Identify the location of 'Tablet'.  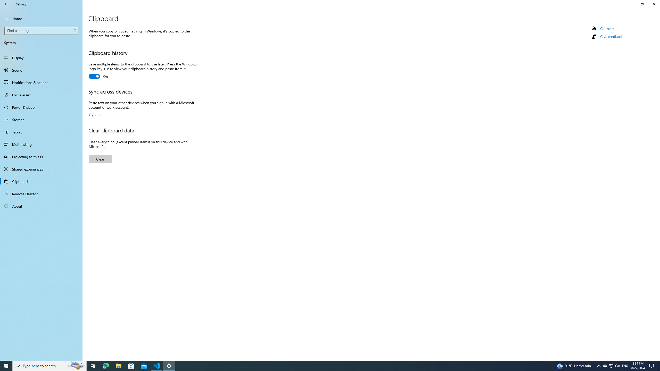
(41, 131).